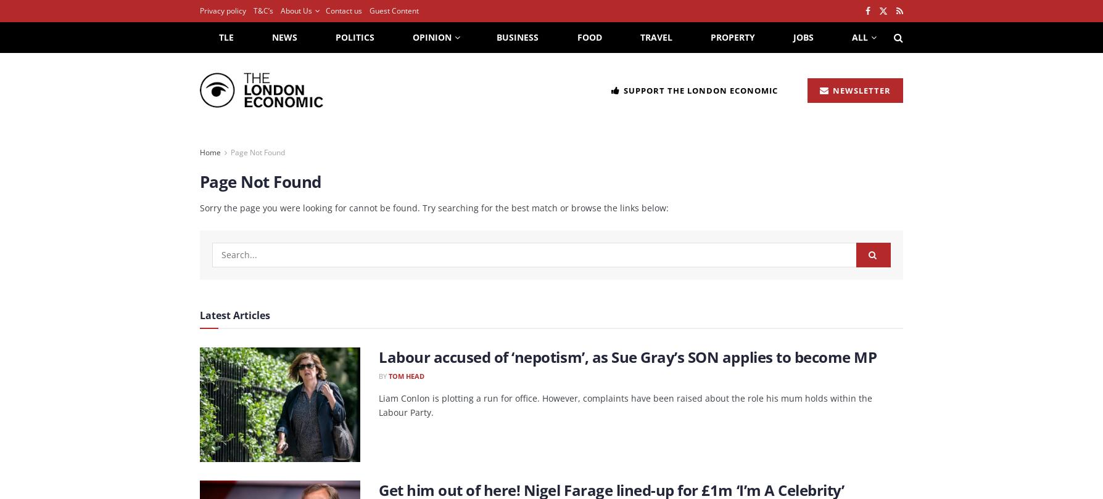 The image size is (1103, 499). I want to click on 'by', so click(382, 375).